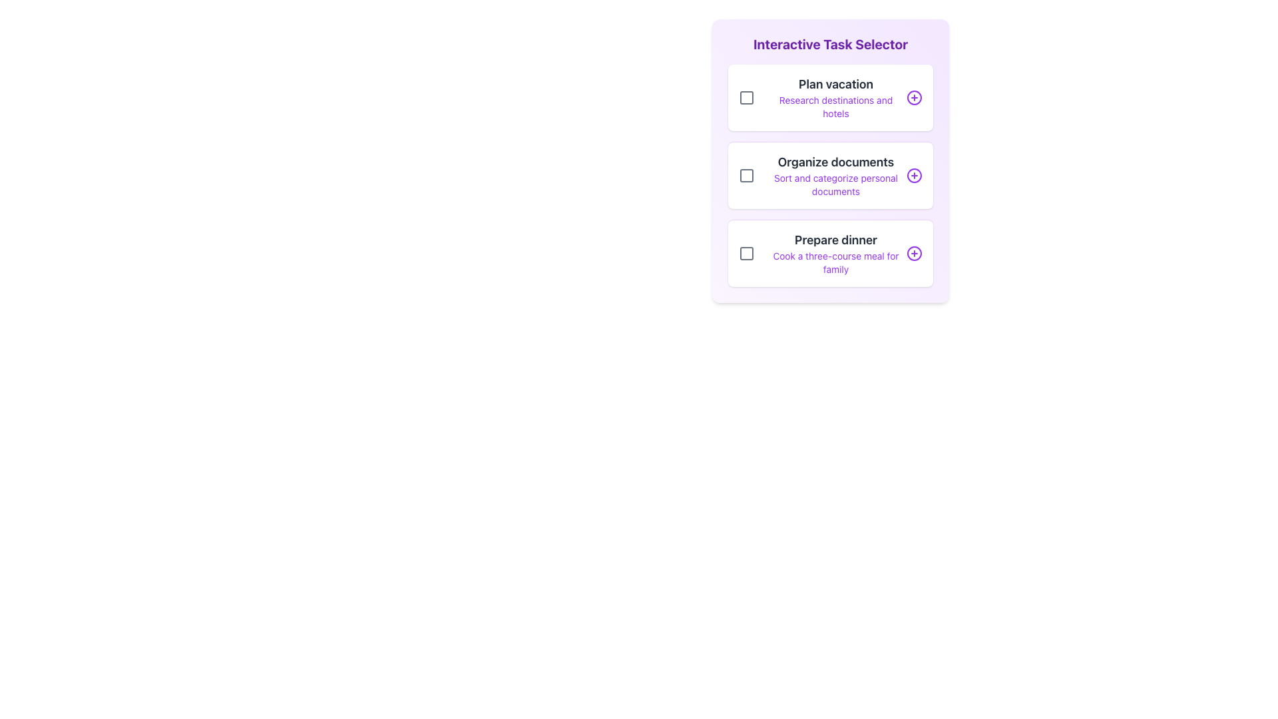 This screenshot has height=719, width=1278. I want to click on the text label displaying 'Cook a three-course meal for family', which is styled in purple and located below the 'Prepare dinner' heading, so click(835, 262).